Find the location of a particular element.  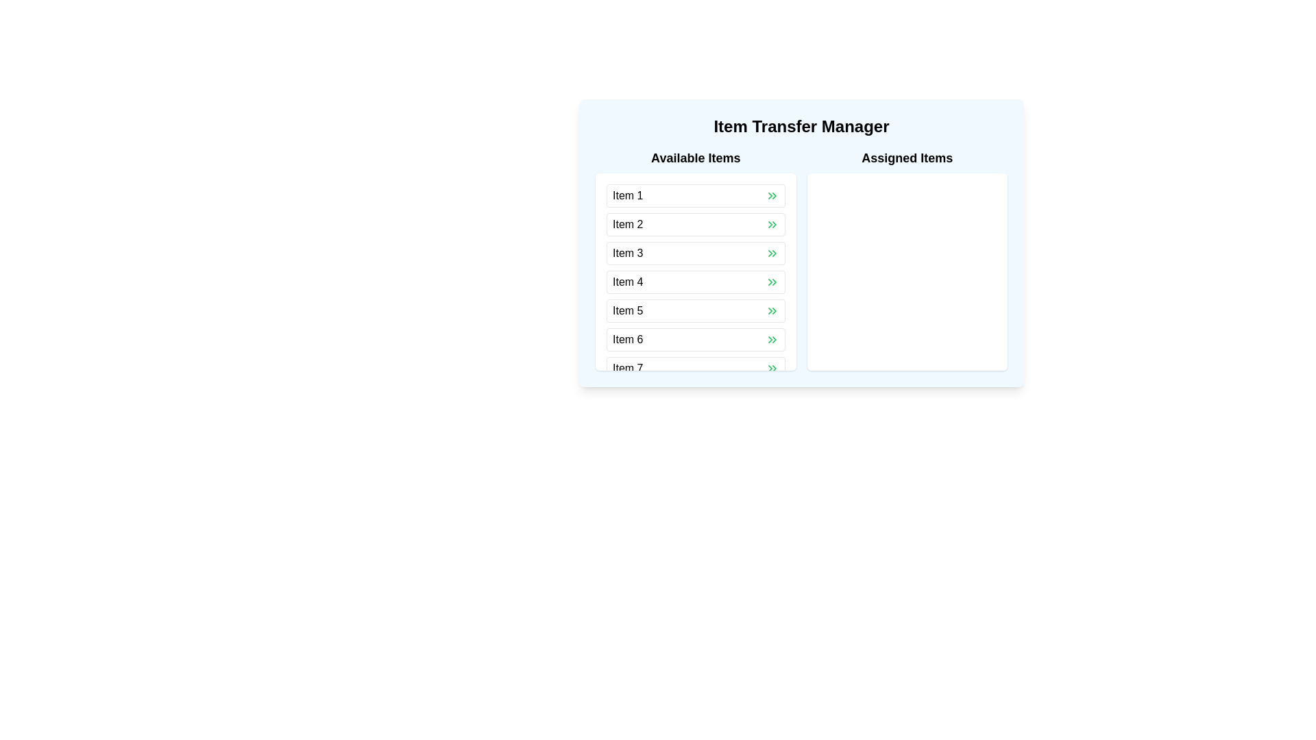

the third item in the 'Available Items' section, which is represented by the Text label indicating a selectable option is located at coordinates (627, 254).